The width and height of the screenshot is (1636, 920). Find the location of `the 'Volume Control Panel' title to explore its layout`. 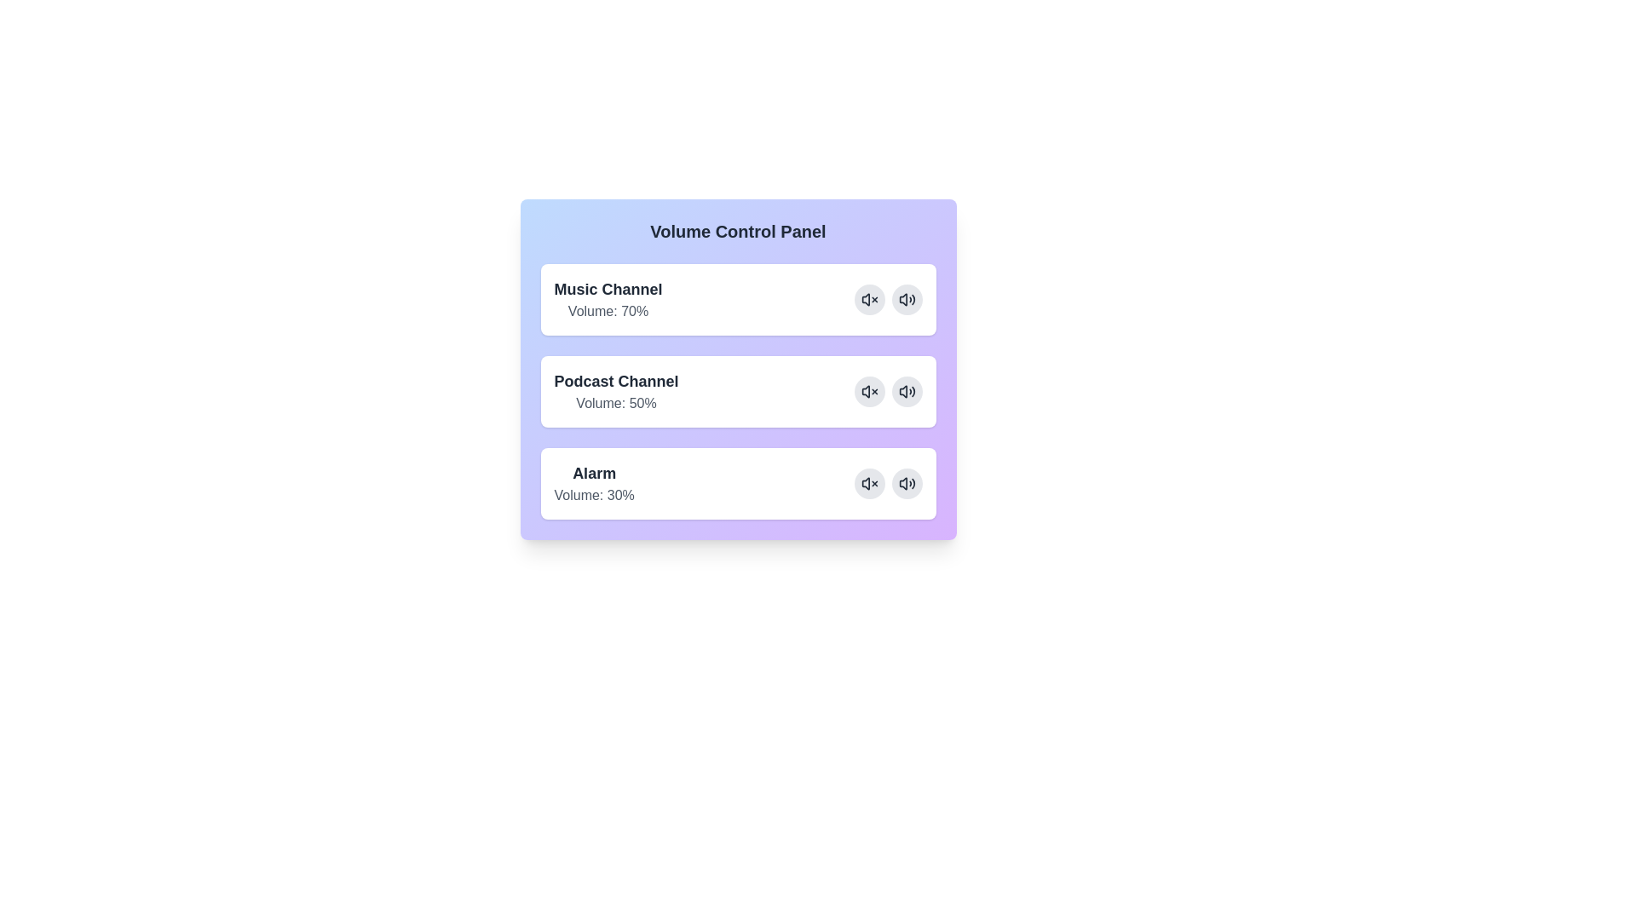

the 'Volume Control Panel' title to explore its layout is located at coordinates (738, 232).